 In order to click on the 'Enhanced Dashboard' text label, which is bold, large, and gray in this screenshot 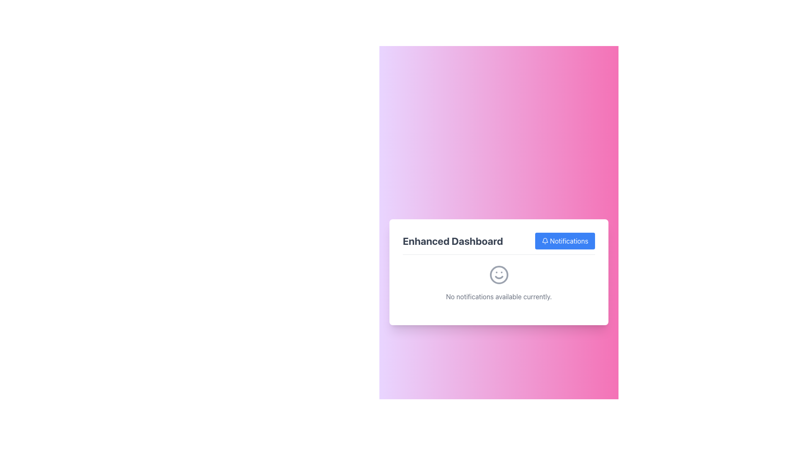, I will do `click(452, 241)`.